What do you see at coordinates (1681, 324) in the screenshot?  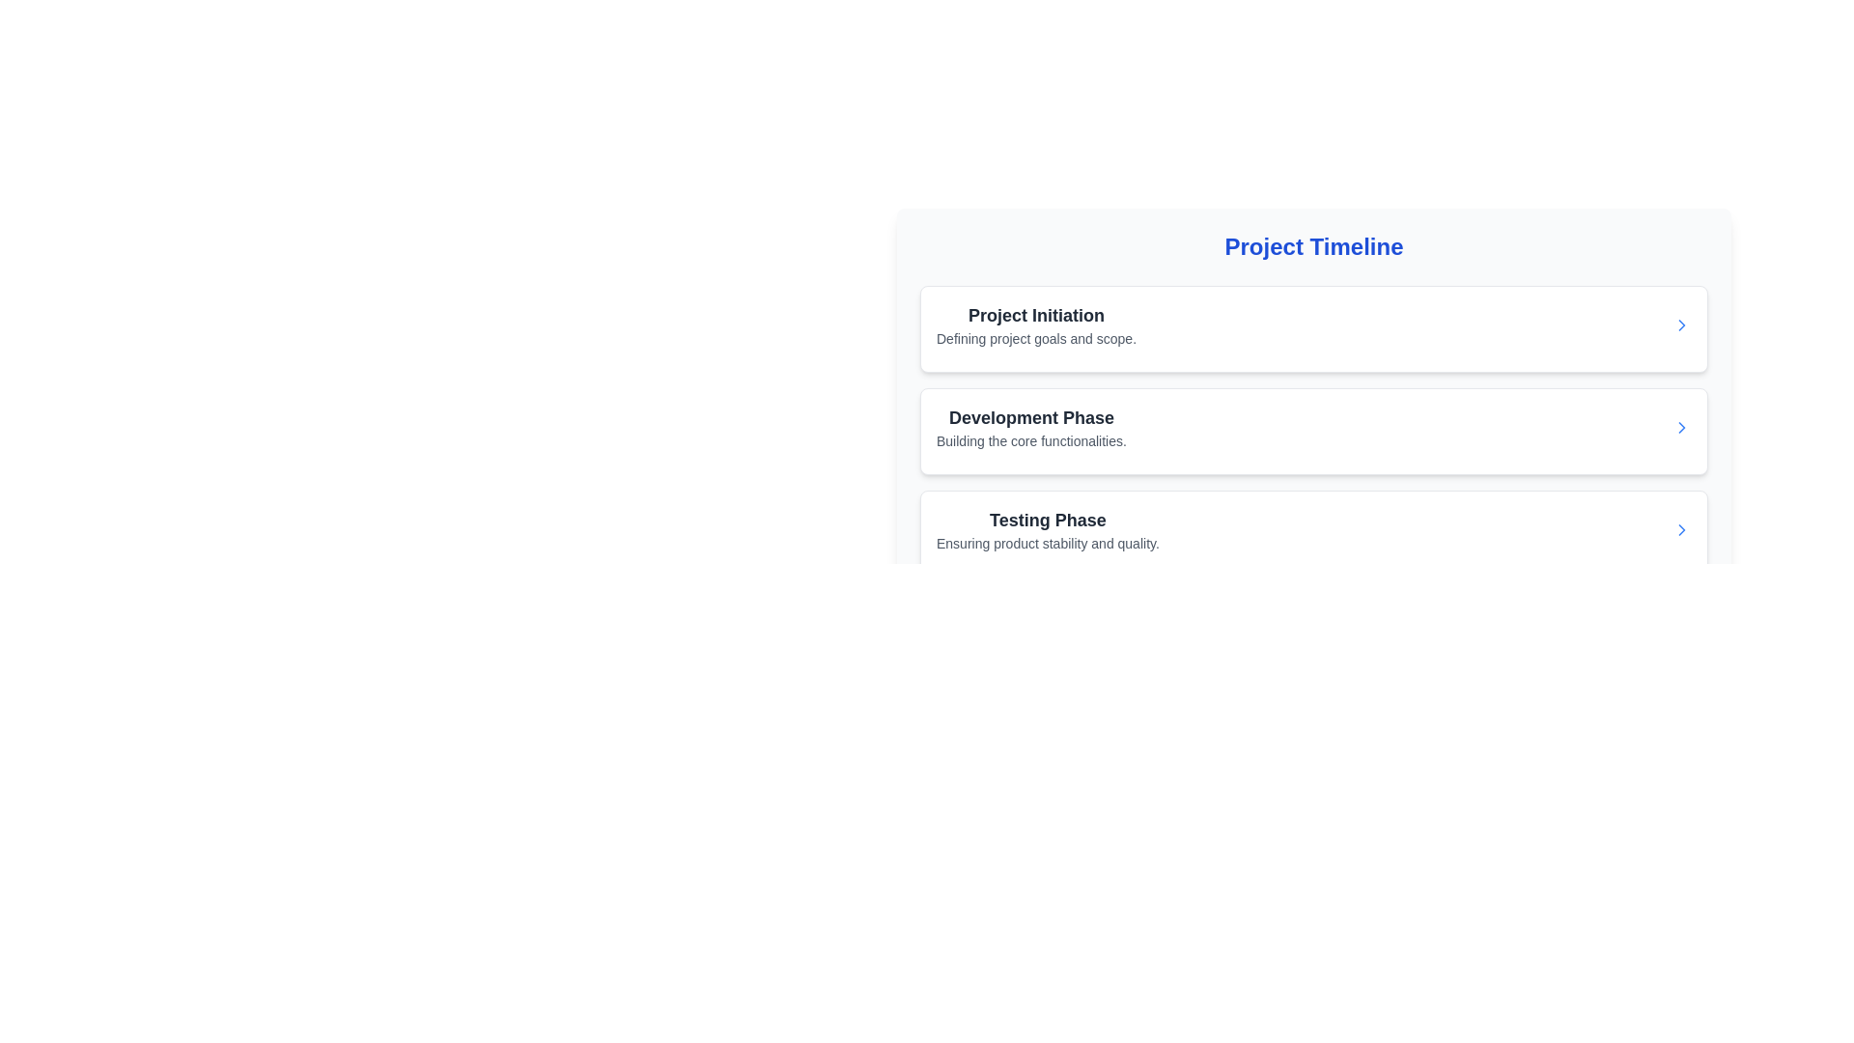 I see `the chevron icon` at bounding box center [1681, 324].